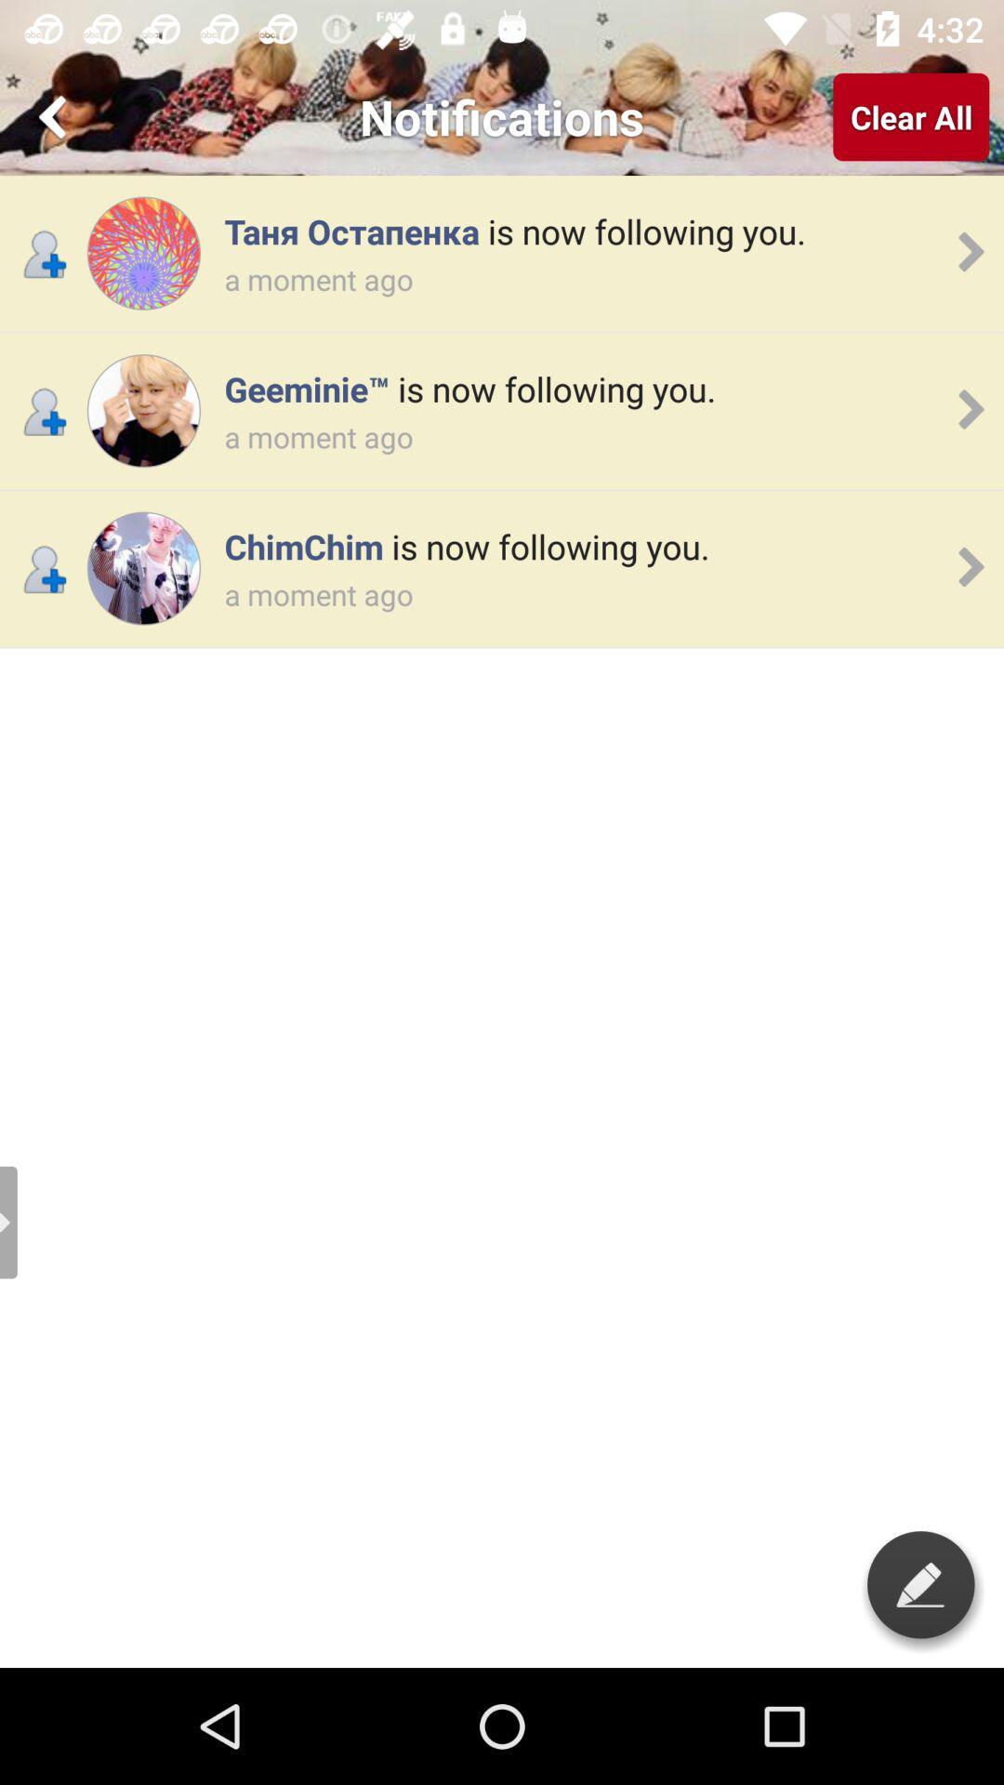  I want to click on see profile, so click(142, 567).